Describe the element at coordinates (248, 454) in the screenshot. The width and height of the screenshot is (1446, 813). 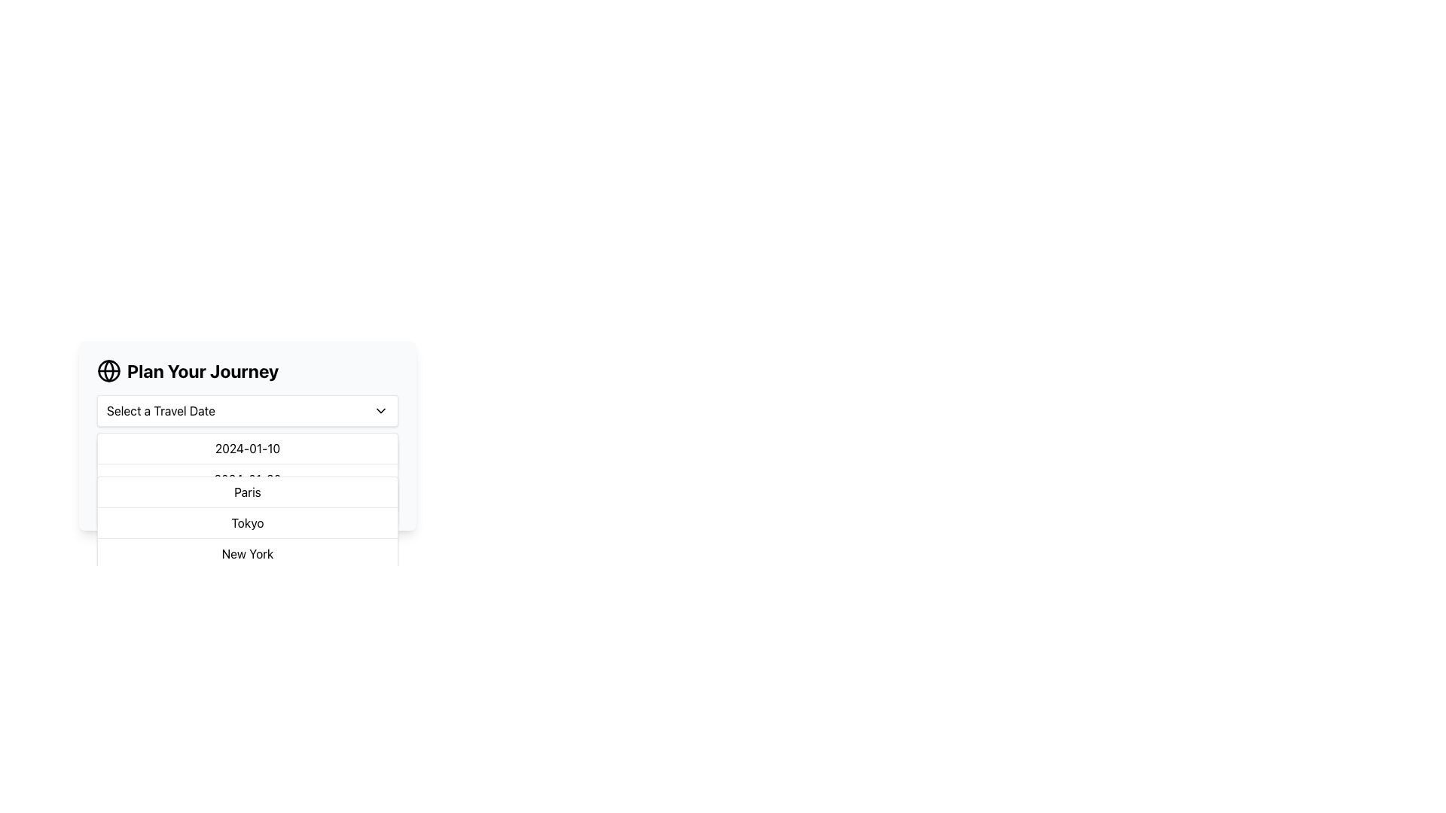
I see `the first selectable option in the travel dates list under 'Plan Your Journey'` at that location.